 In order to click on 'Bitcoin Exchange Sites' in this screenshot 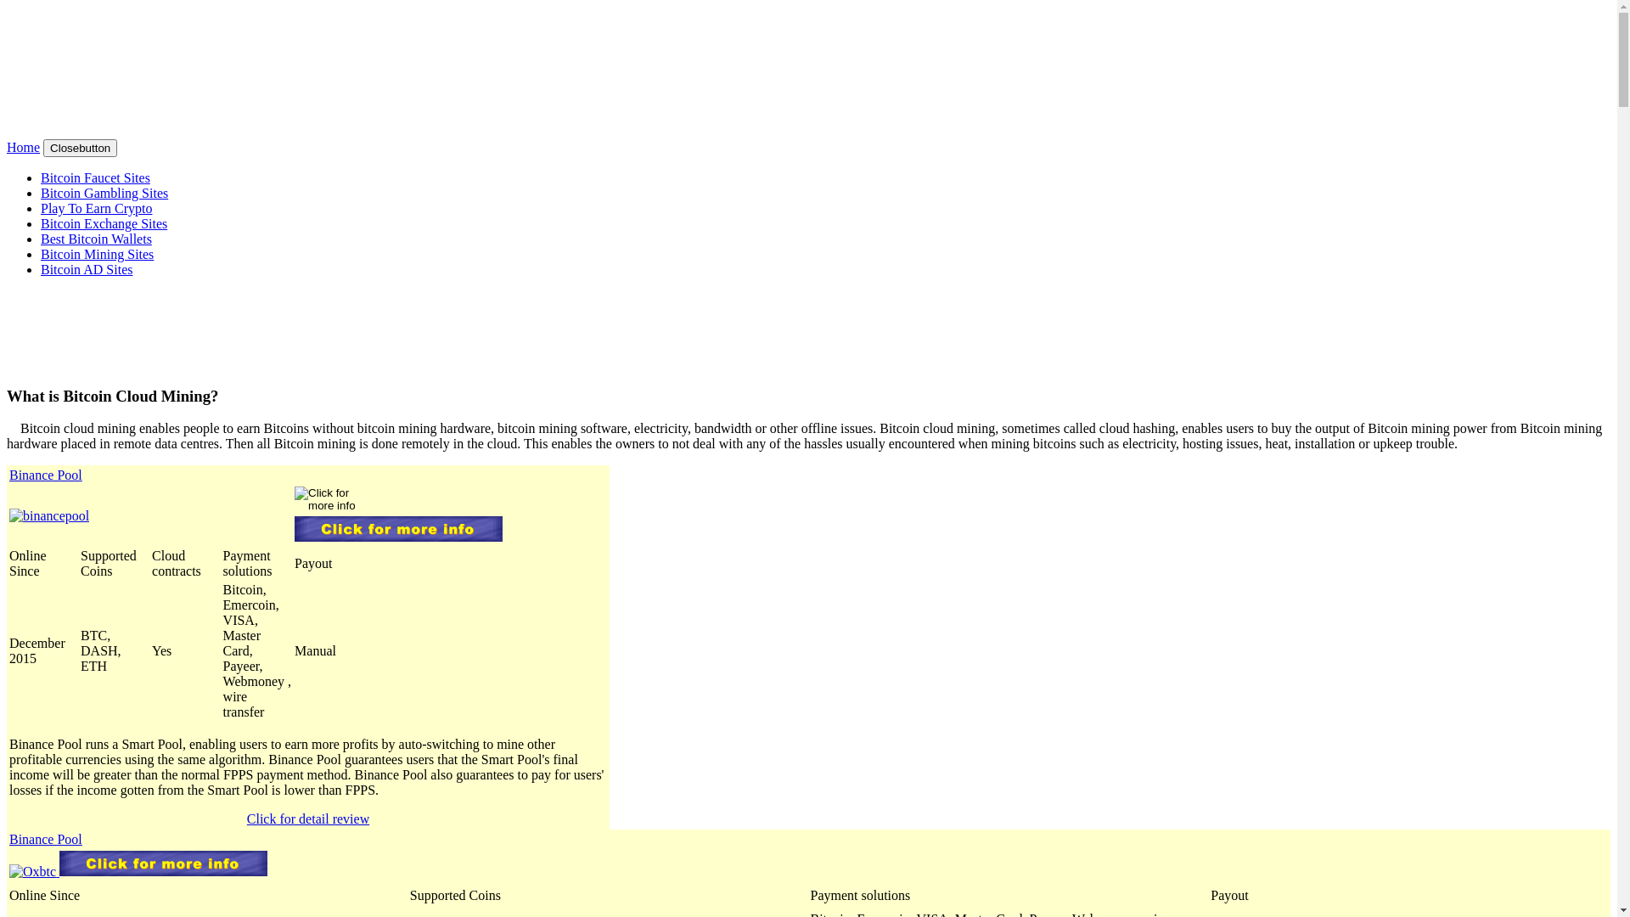, I will do `click(103, 222)`.